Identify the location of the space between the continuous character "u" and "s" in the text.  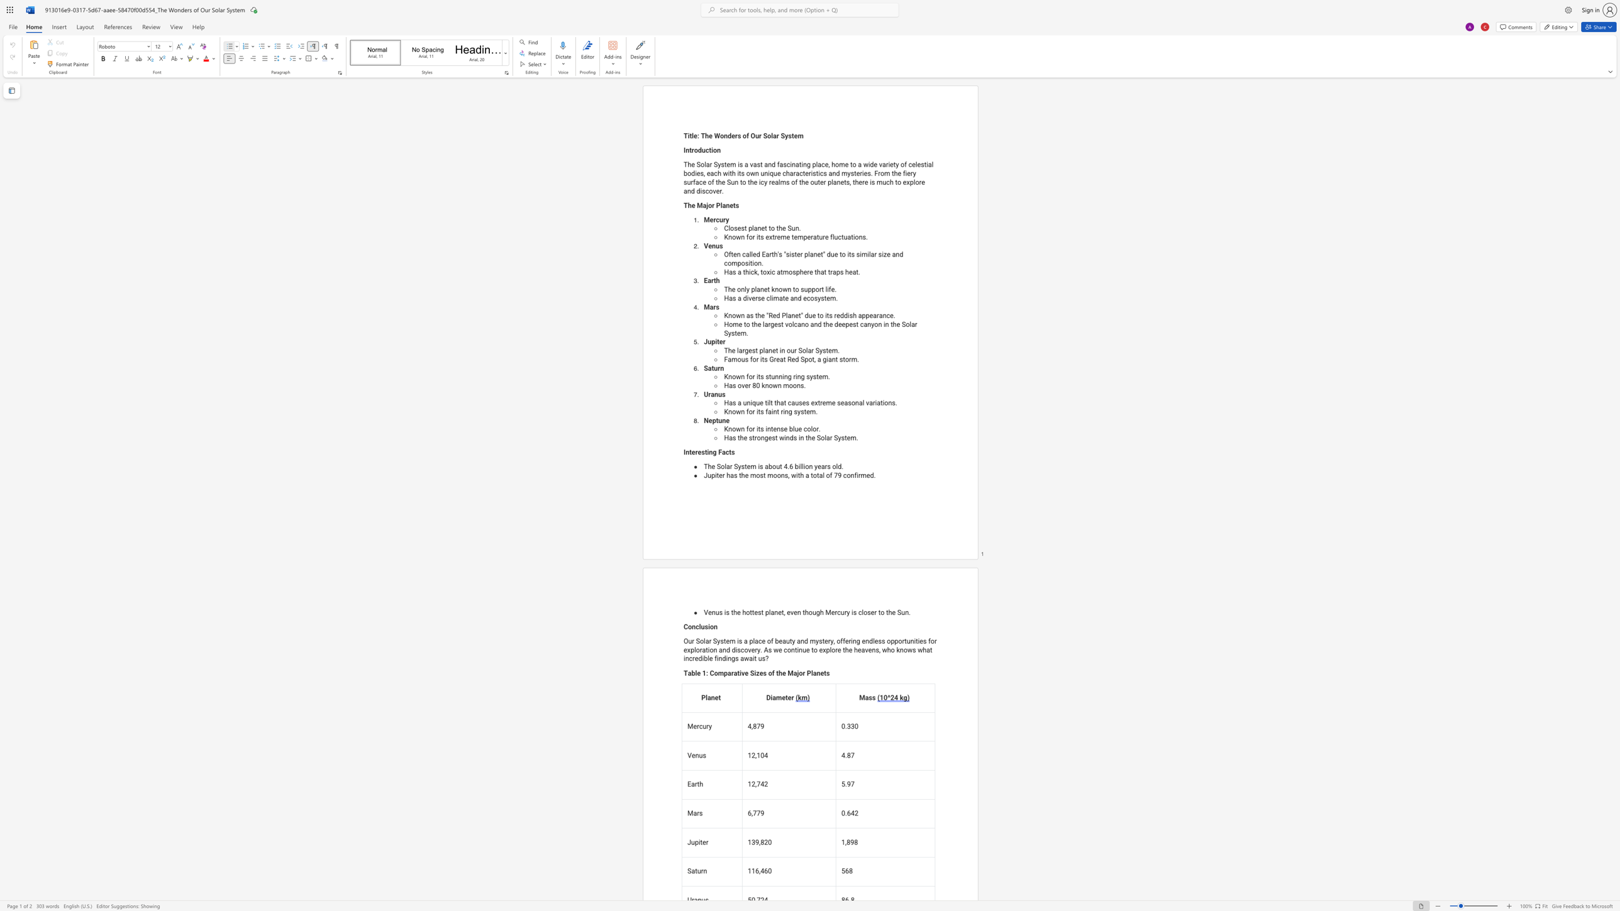
(798, 402).